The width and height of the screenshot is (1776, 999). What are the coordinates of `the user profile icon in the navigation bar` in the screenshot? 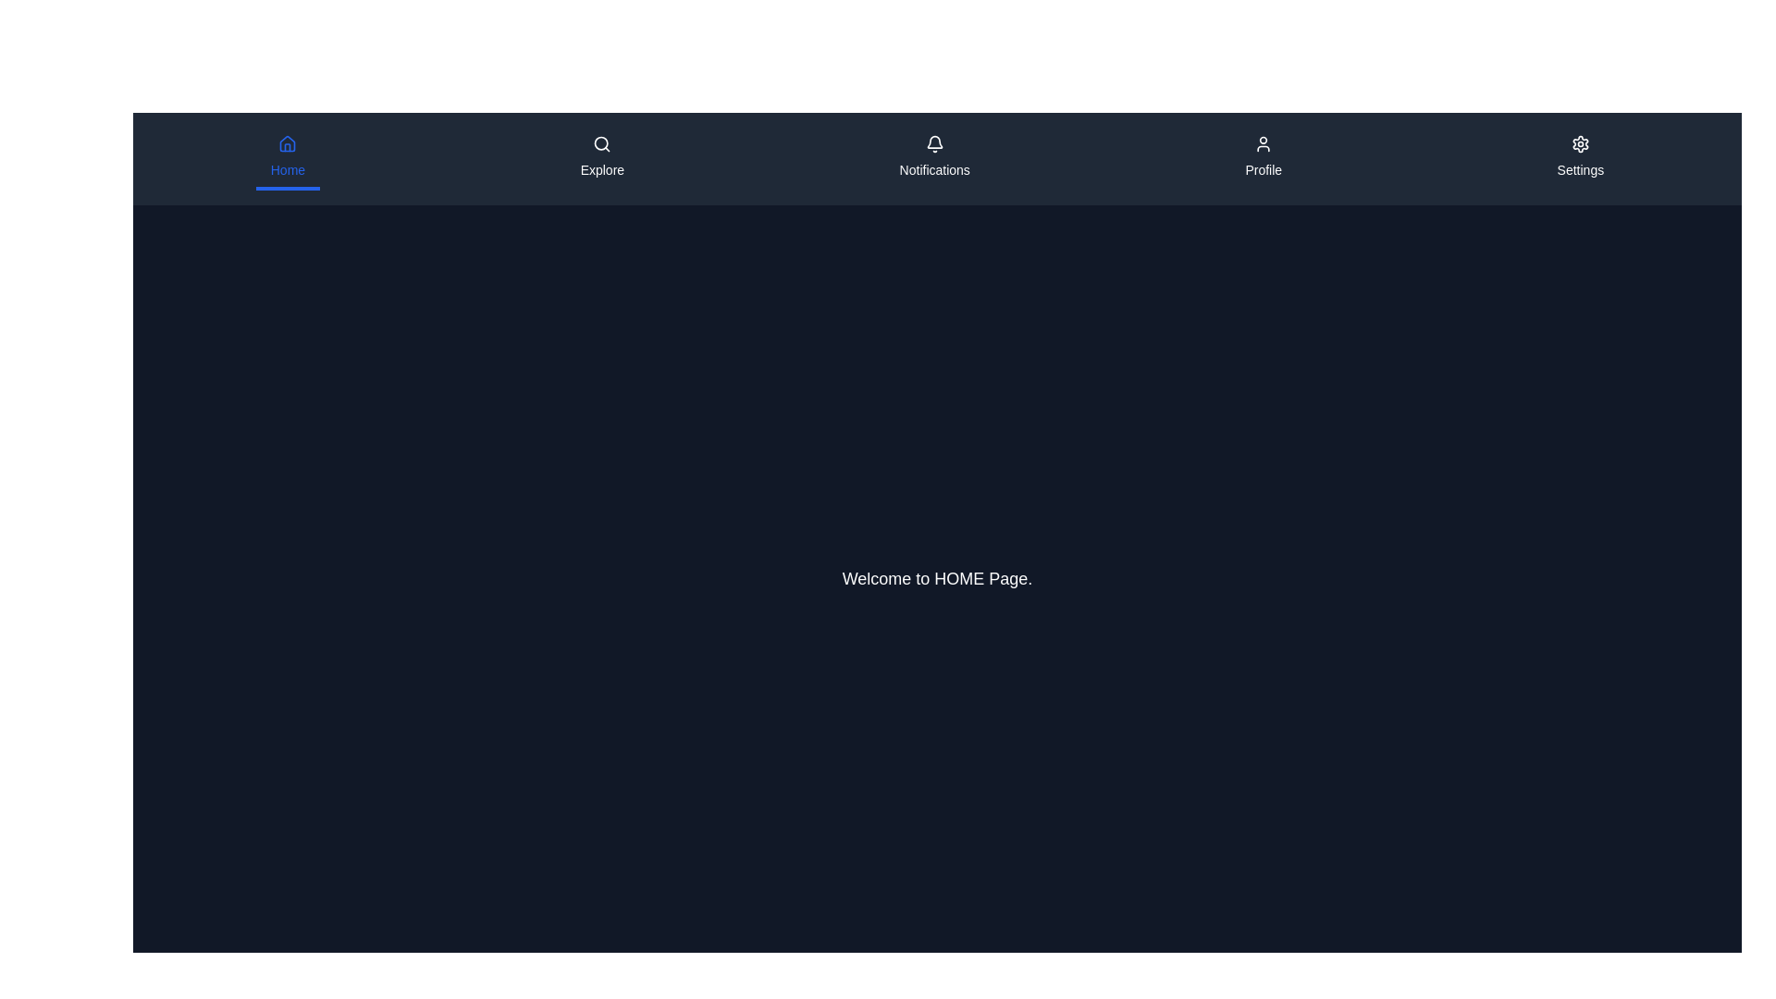 It's located at (1263, 142).